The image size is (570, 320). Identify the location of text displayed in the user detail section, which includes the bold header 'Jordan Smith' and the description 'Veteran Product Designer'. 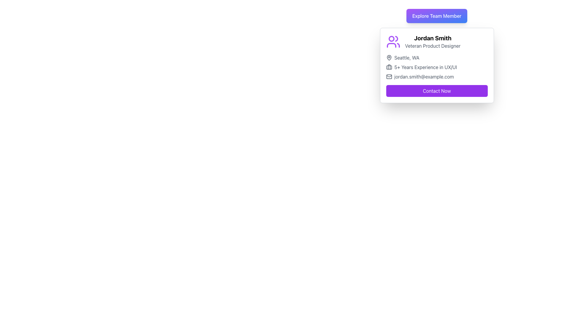
(433, 41).